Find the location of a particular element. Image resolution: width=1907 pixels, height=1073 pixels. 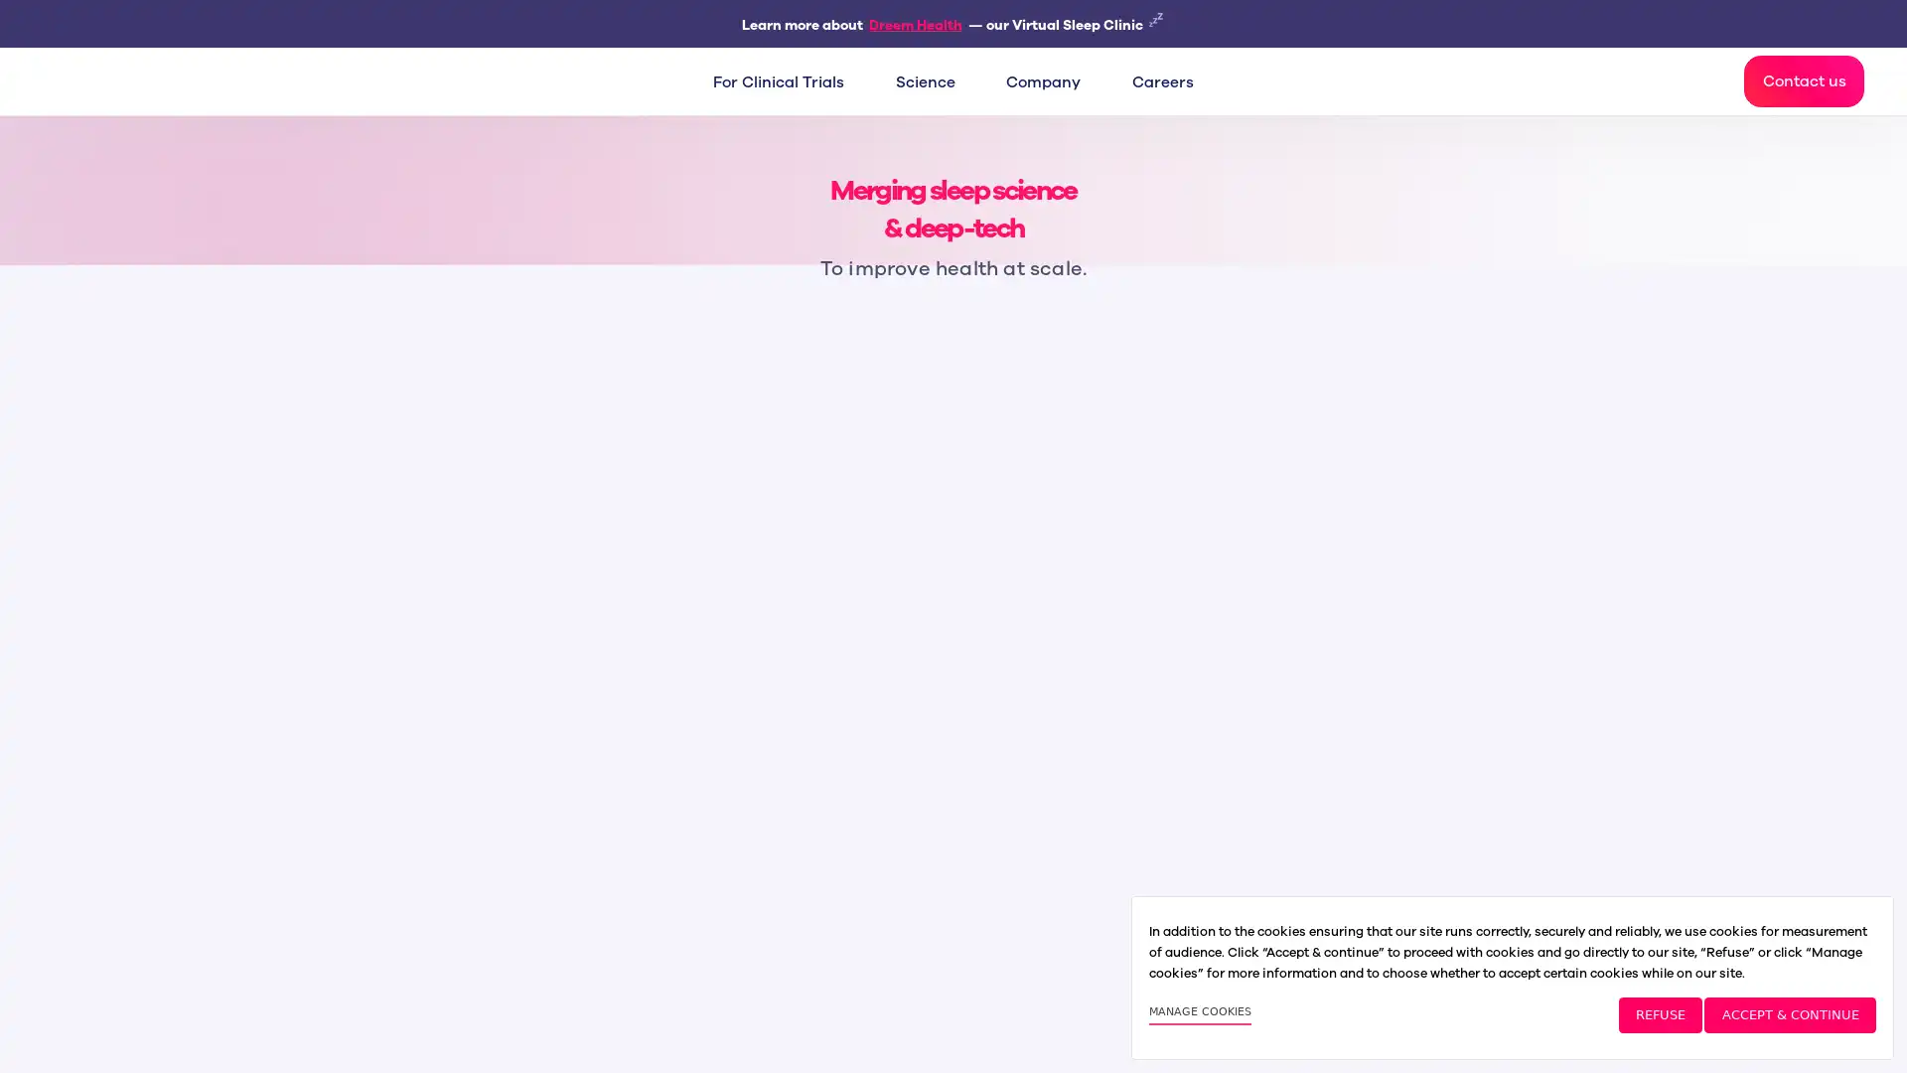

ACCEPT & CONTINUE is located at coordinates (1789, 1014).